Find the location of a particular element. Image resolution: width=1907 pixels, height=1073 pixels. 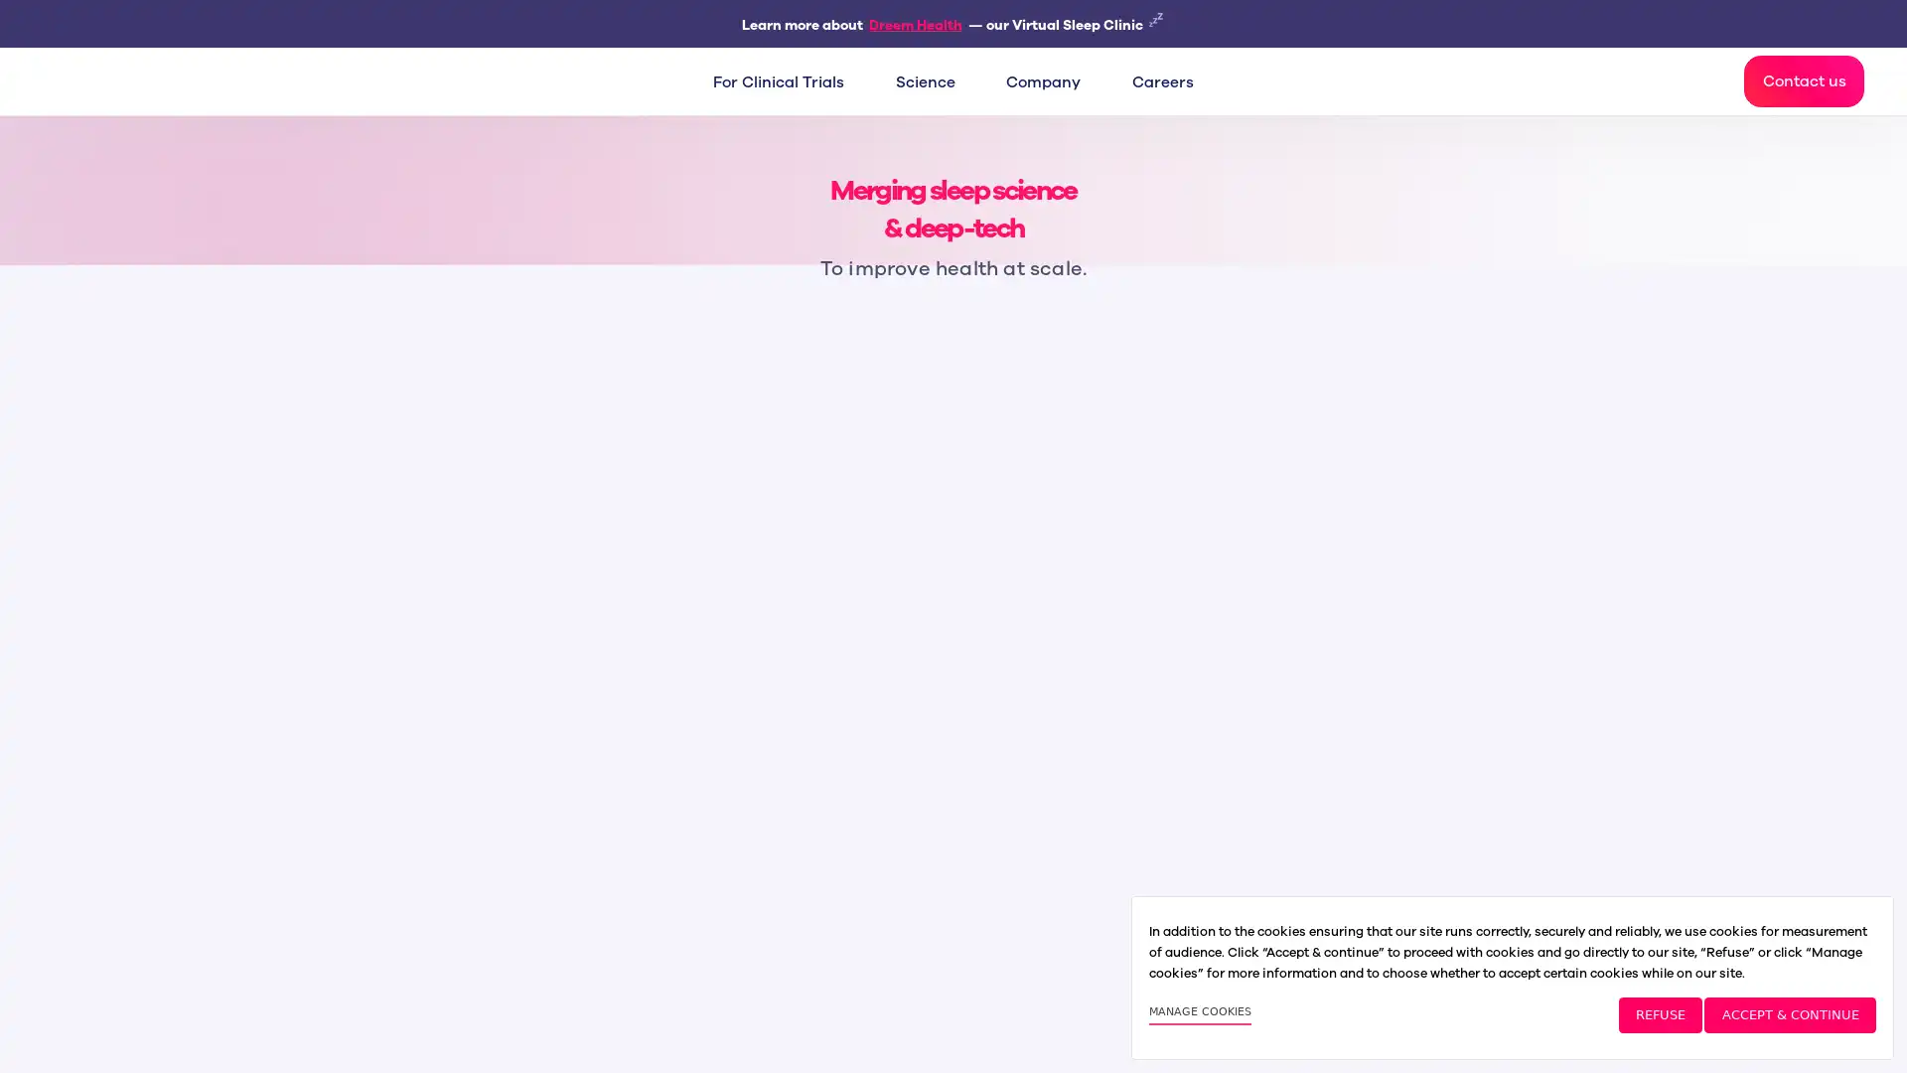

ACCEPT & CONTINUE is located at coordinates (1789, 1014).